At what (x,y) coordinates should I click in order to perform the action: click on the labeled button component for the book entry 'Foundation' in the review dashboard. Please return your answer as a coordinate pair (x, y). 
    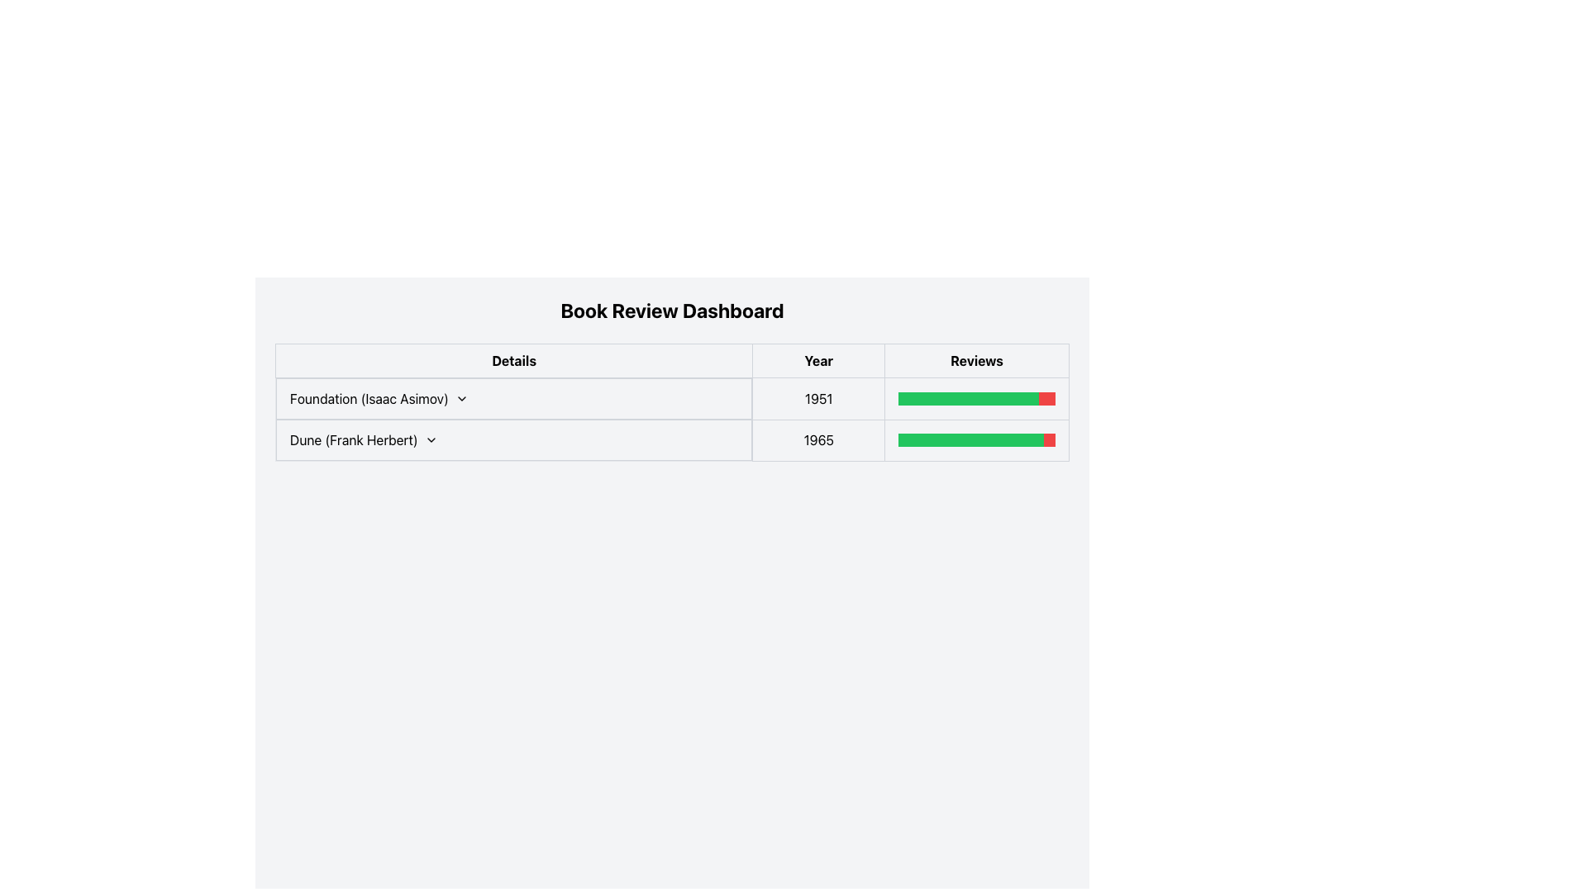
    Looking at the image, I should click on (513, 398).